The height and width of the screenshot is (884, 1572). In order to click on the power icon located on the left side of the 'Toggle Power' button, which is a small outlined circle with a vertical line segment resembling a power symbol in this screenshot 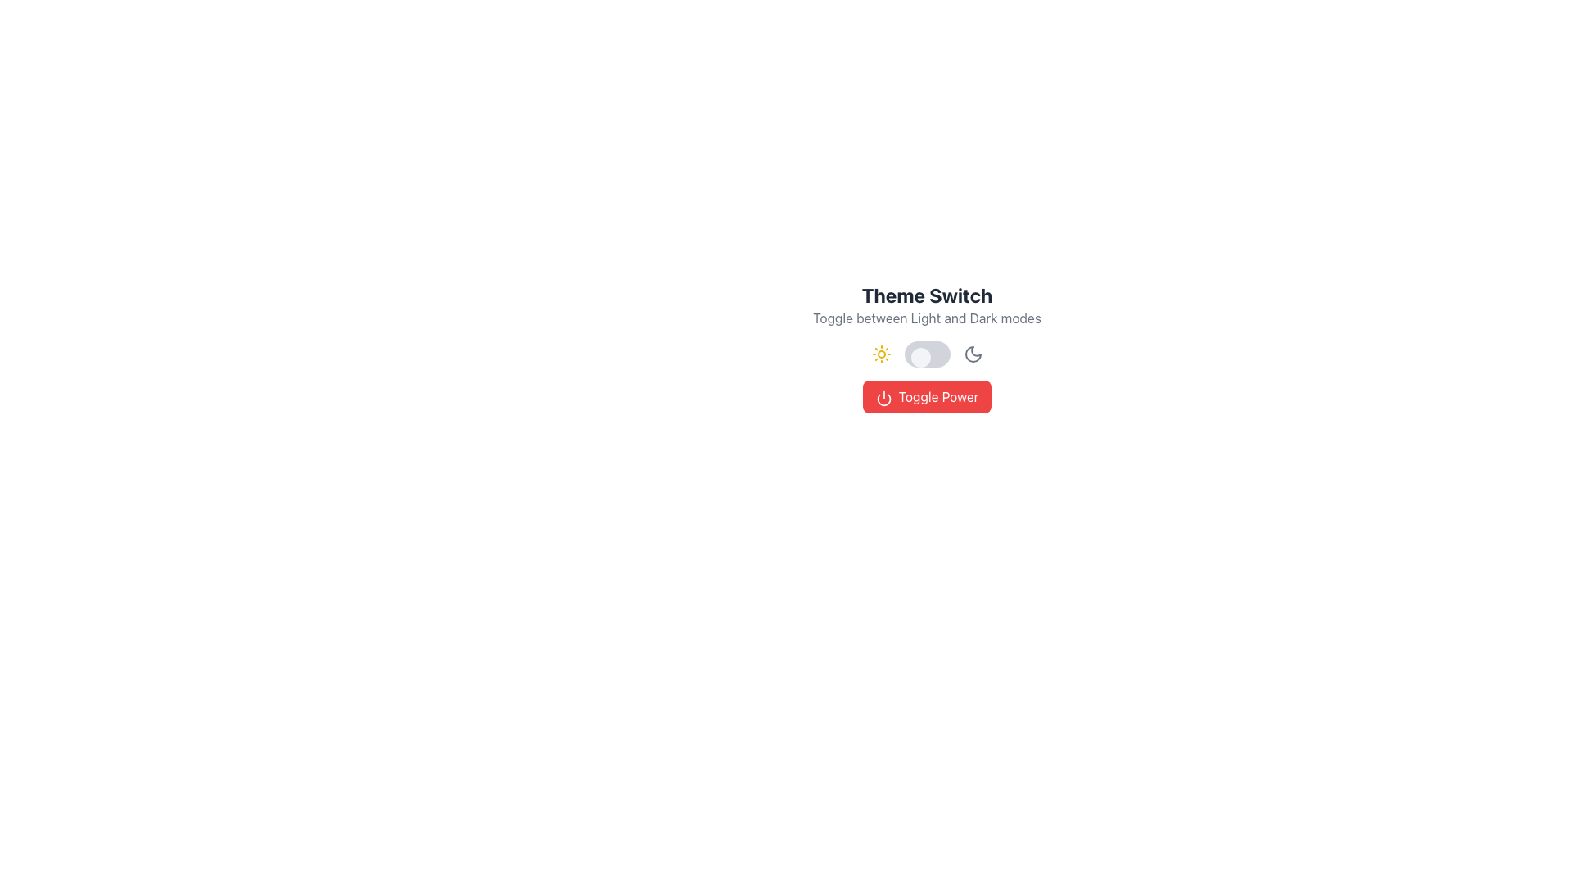, I will do `click(883, 398)`.